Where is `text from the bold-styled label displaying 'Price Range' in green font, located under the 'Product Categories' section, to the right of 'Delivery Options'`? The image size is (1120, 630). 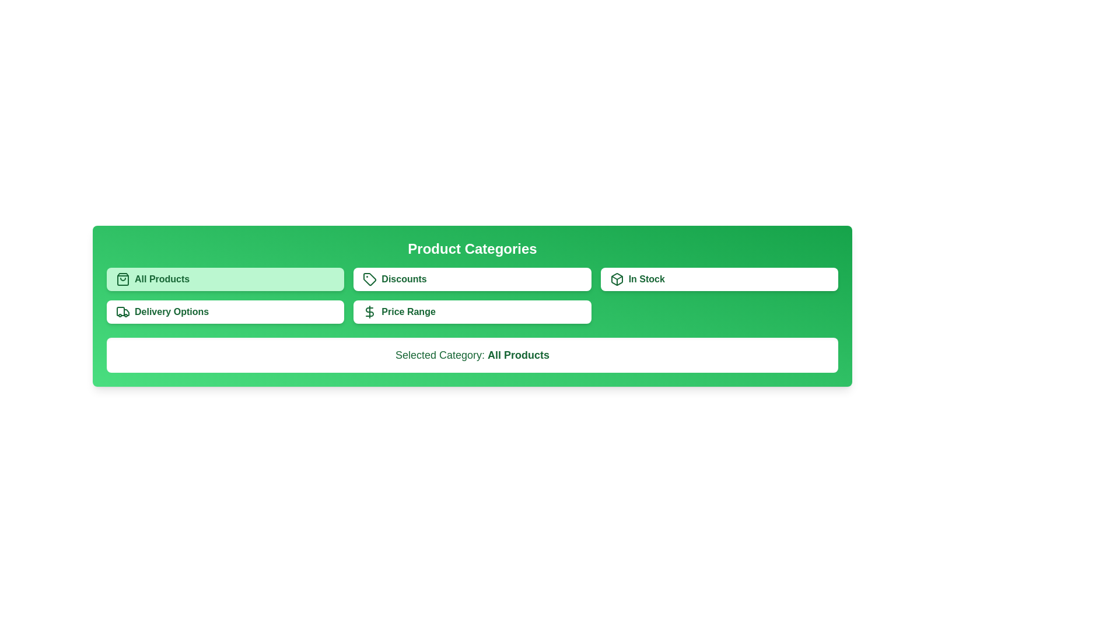
text from the bold-styled label displaying 'Price Range' in green font, located under the 'Product Categories' section, to the right of 'Delivery Options' is located at coordinates (408, 311).